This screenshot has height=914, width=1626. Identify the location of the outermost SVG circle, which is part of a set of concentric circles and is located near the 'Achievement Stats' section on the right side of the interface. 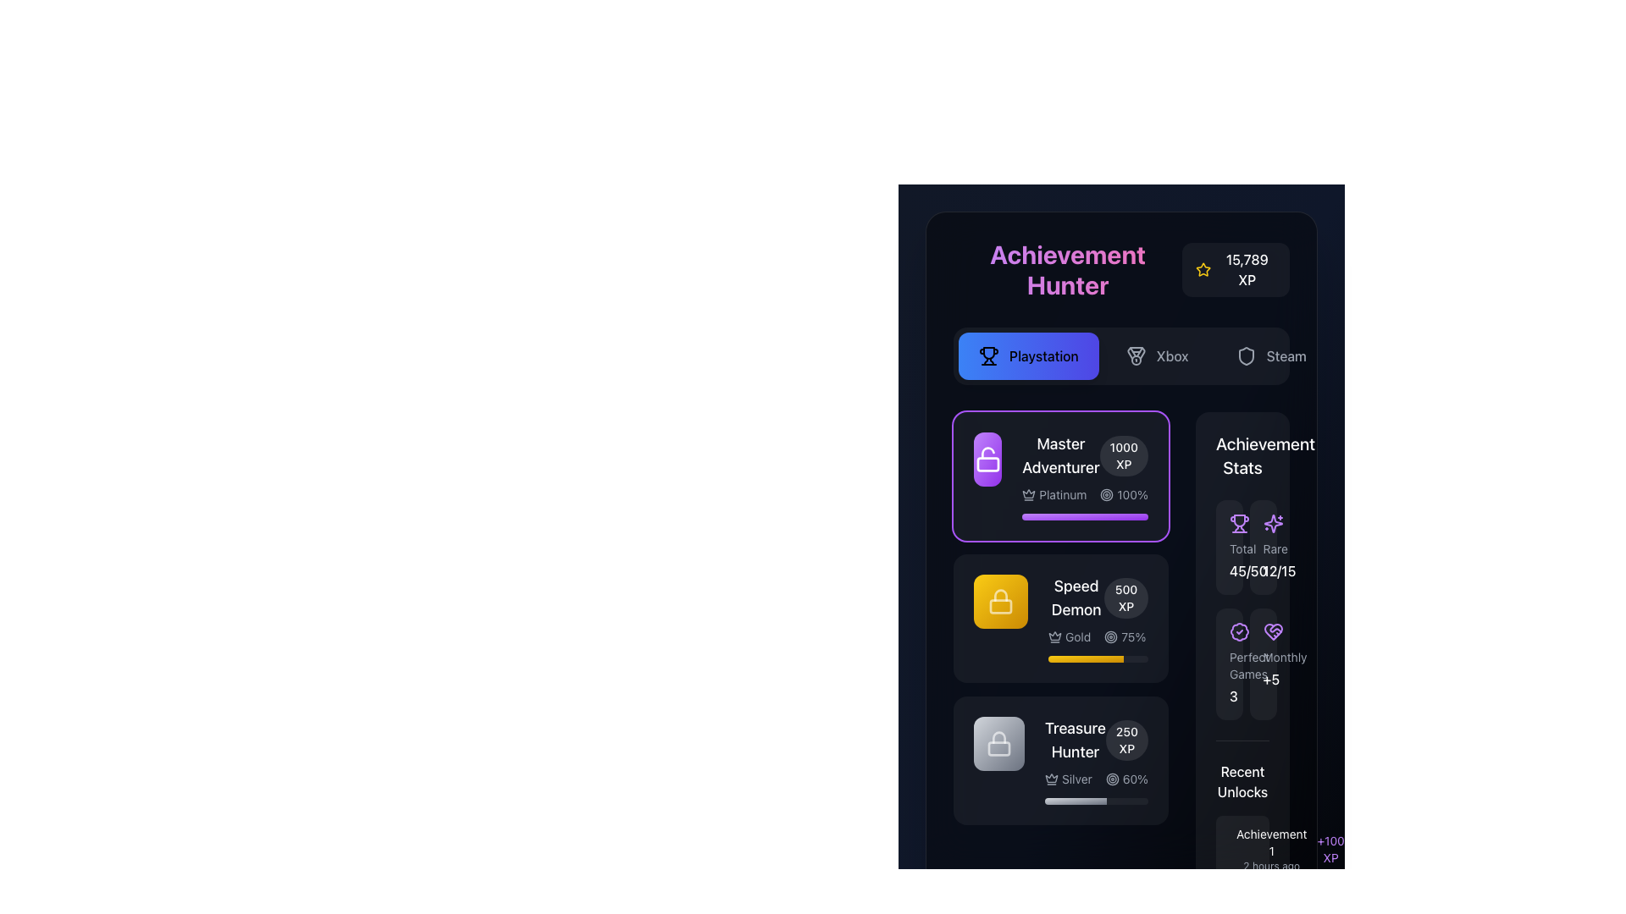
(1107, 495).